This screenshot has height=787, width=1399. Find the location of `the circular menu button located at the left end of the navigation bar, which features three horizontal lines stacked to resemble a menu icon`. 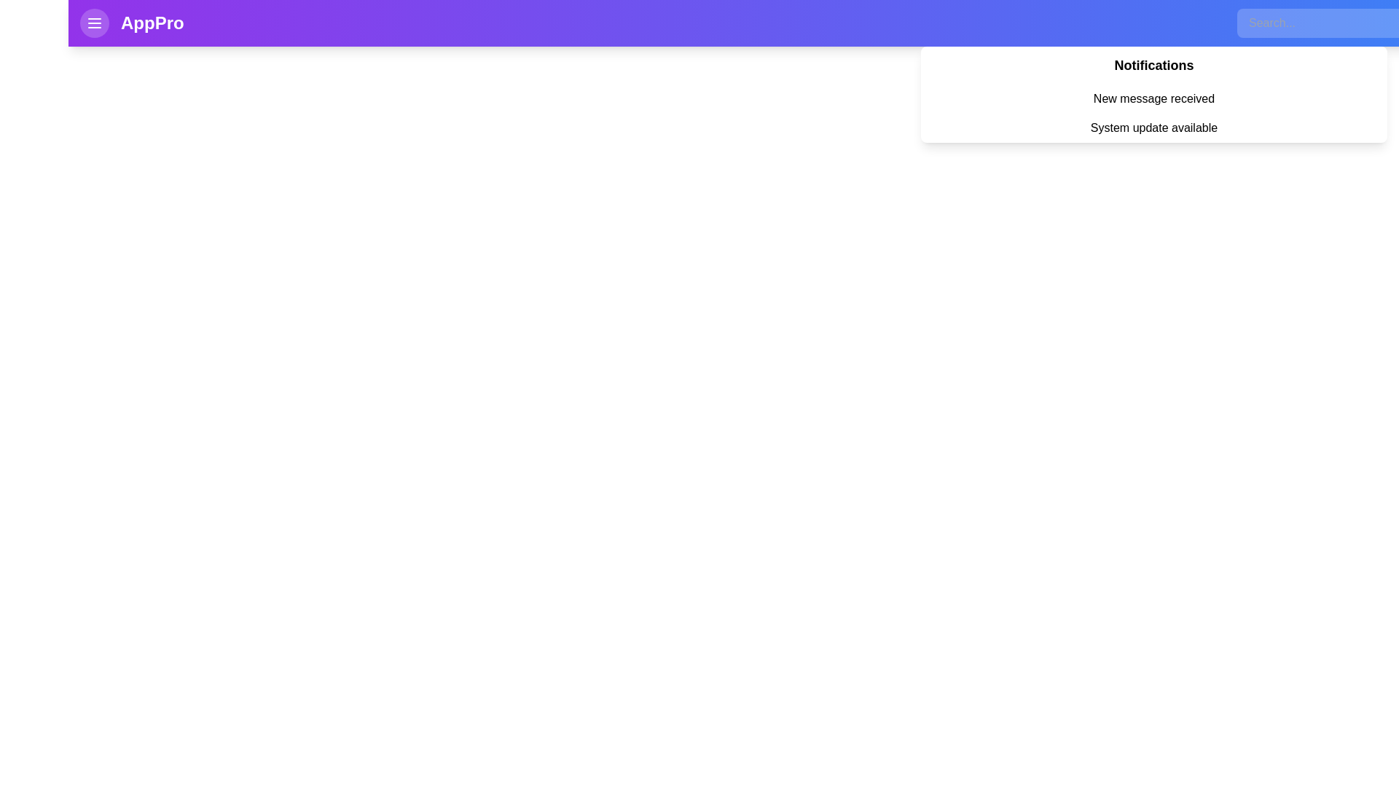

the circular menu button located at the left end of the navigation bar, which features three horizontal lines stacked to resemble a menu icon is located at coordinates (93, 23).